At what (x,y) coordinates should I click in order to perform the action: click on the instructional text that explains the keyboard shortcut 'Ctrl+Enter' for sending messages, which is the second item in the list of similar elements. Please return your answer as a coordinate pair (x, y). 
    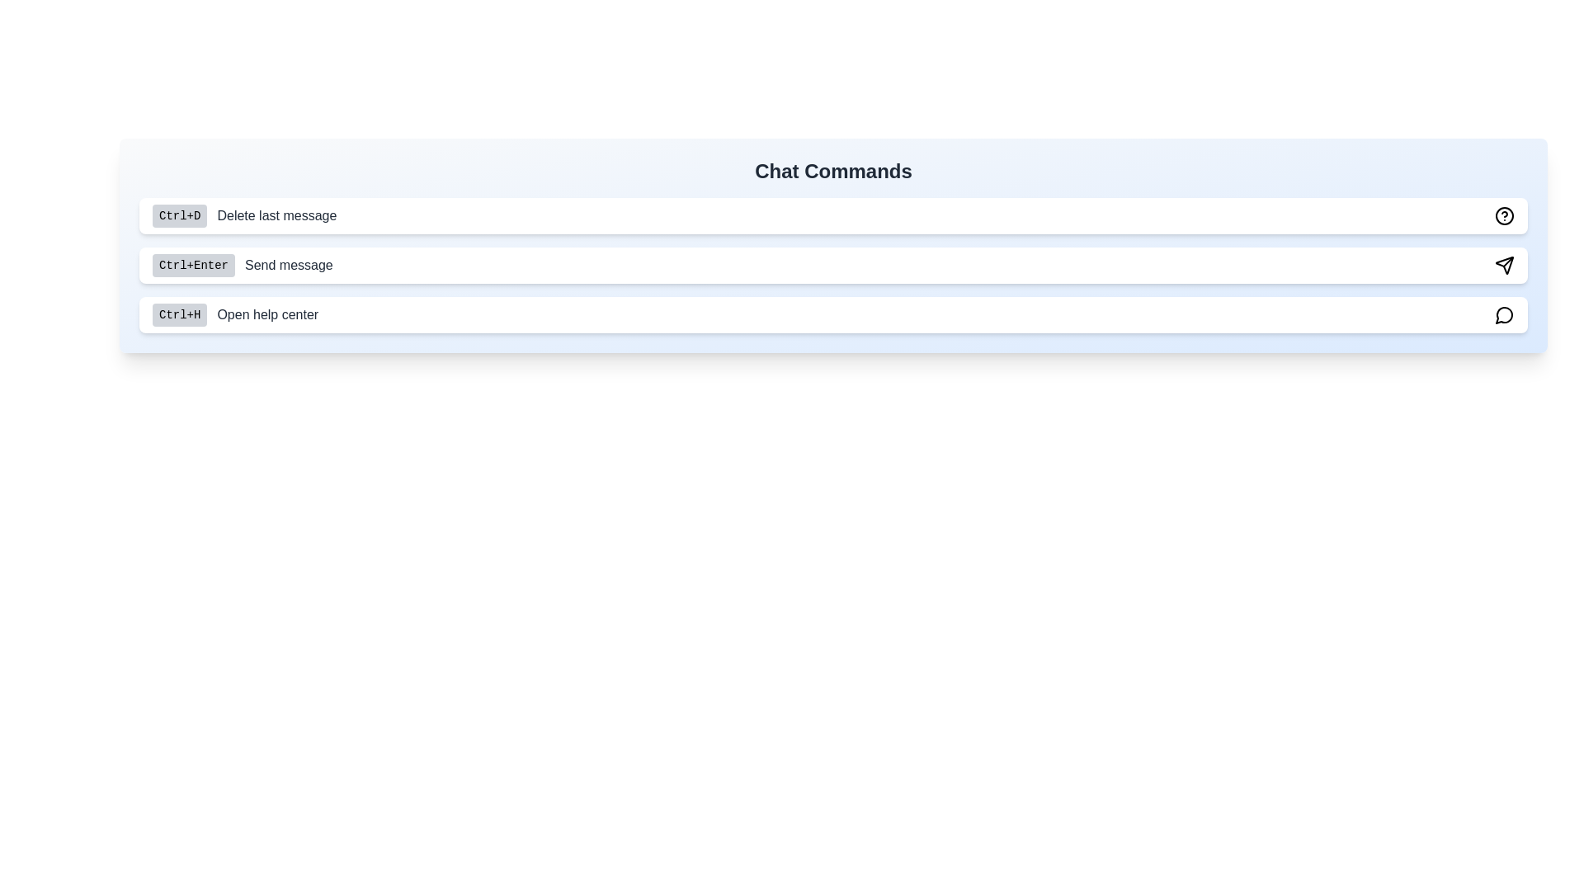
    Looking at the image, I should click on (242, 264).